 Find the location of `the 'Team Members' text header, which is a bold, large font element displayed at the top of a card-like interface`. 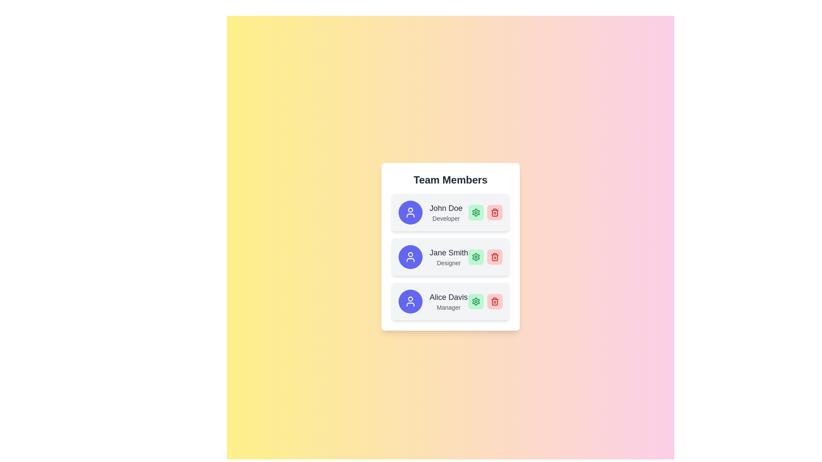

the 'Team Members' text header, which is a bold, large font element displayed at the top of a card-like interface is located at coordinates (450, 179).